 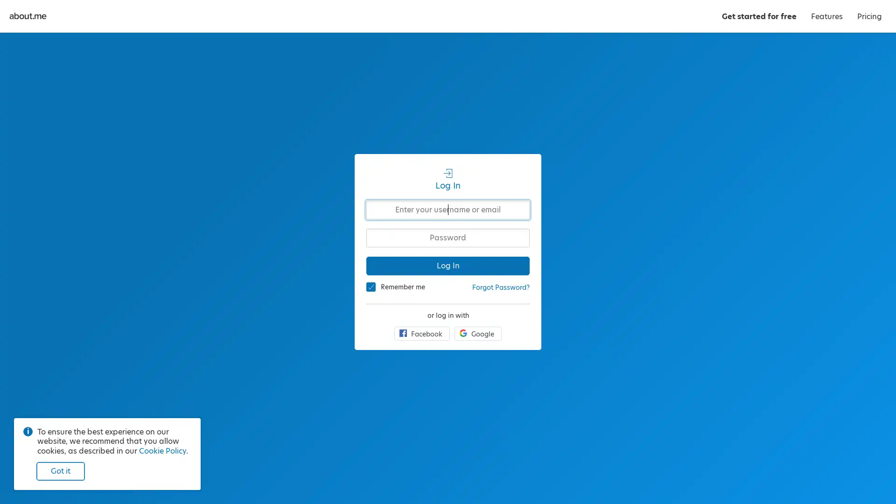 I want to click on Log In, so click(x=448, y=266).